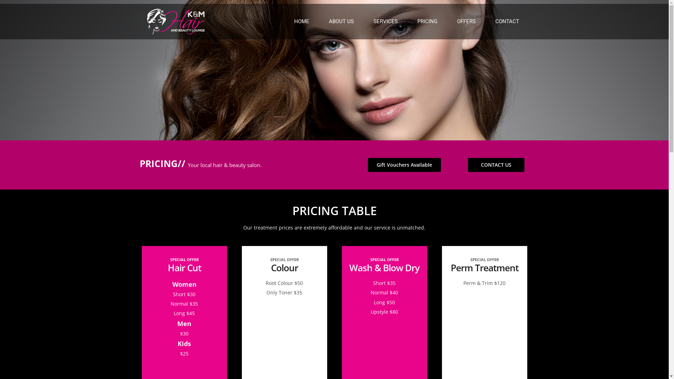 This screenshot has height=379, width=674. Describe the element at coordinates (176, 21) in the screenshot. I see `'K&M Hair and Beauty Lounge'` at that location.